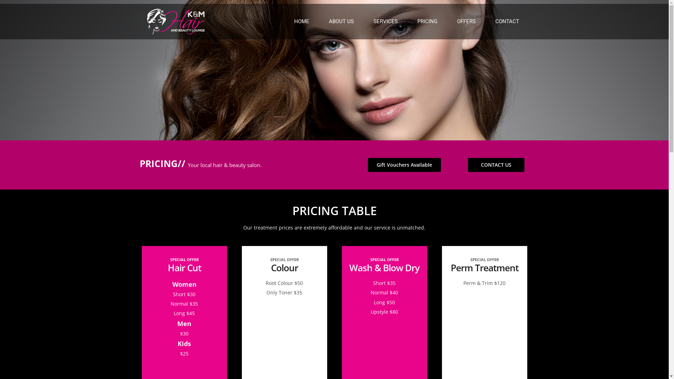 This screenshot has height=379, width=674. Describe the element at coordinates (176, 21) in the screenshot. I see `'K&M Hair and Beauty Lounge'` at that location.